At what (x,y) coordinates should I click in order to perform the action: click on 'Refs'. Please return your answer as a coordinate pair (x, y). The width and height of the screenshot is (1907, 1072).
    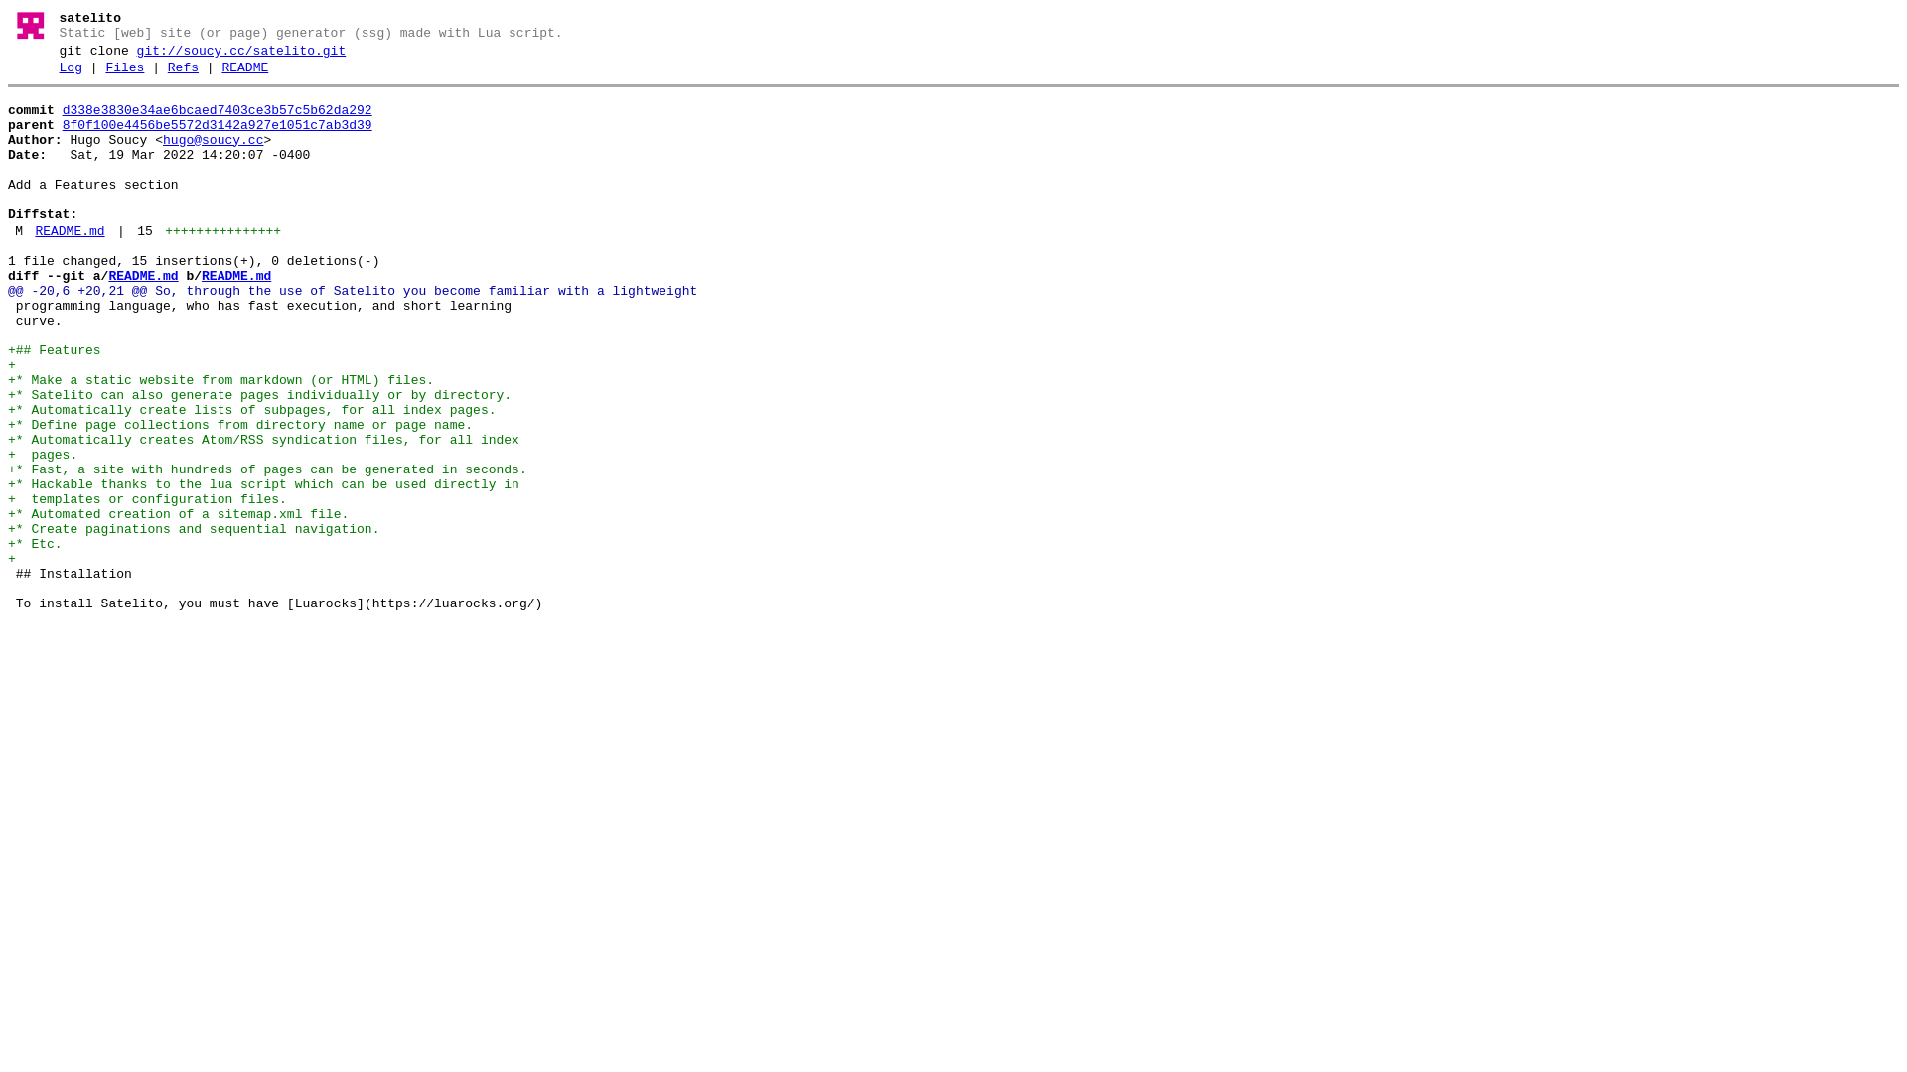
    Looking at the image, I should click on (183, 67).